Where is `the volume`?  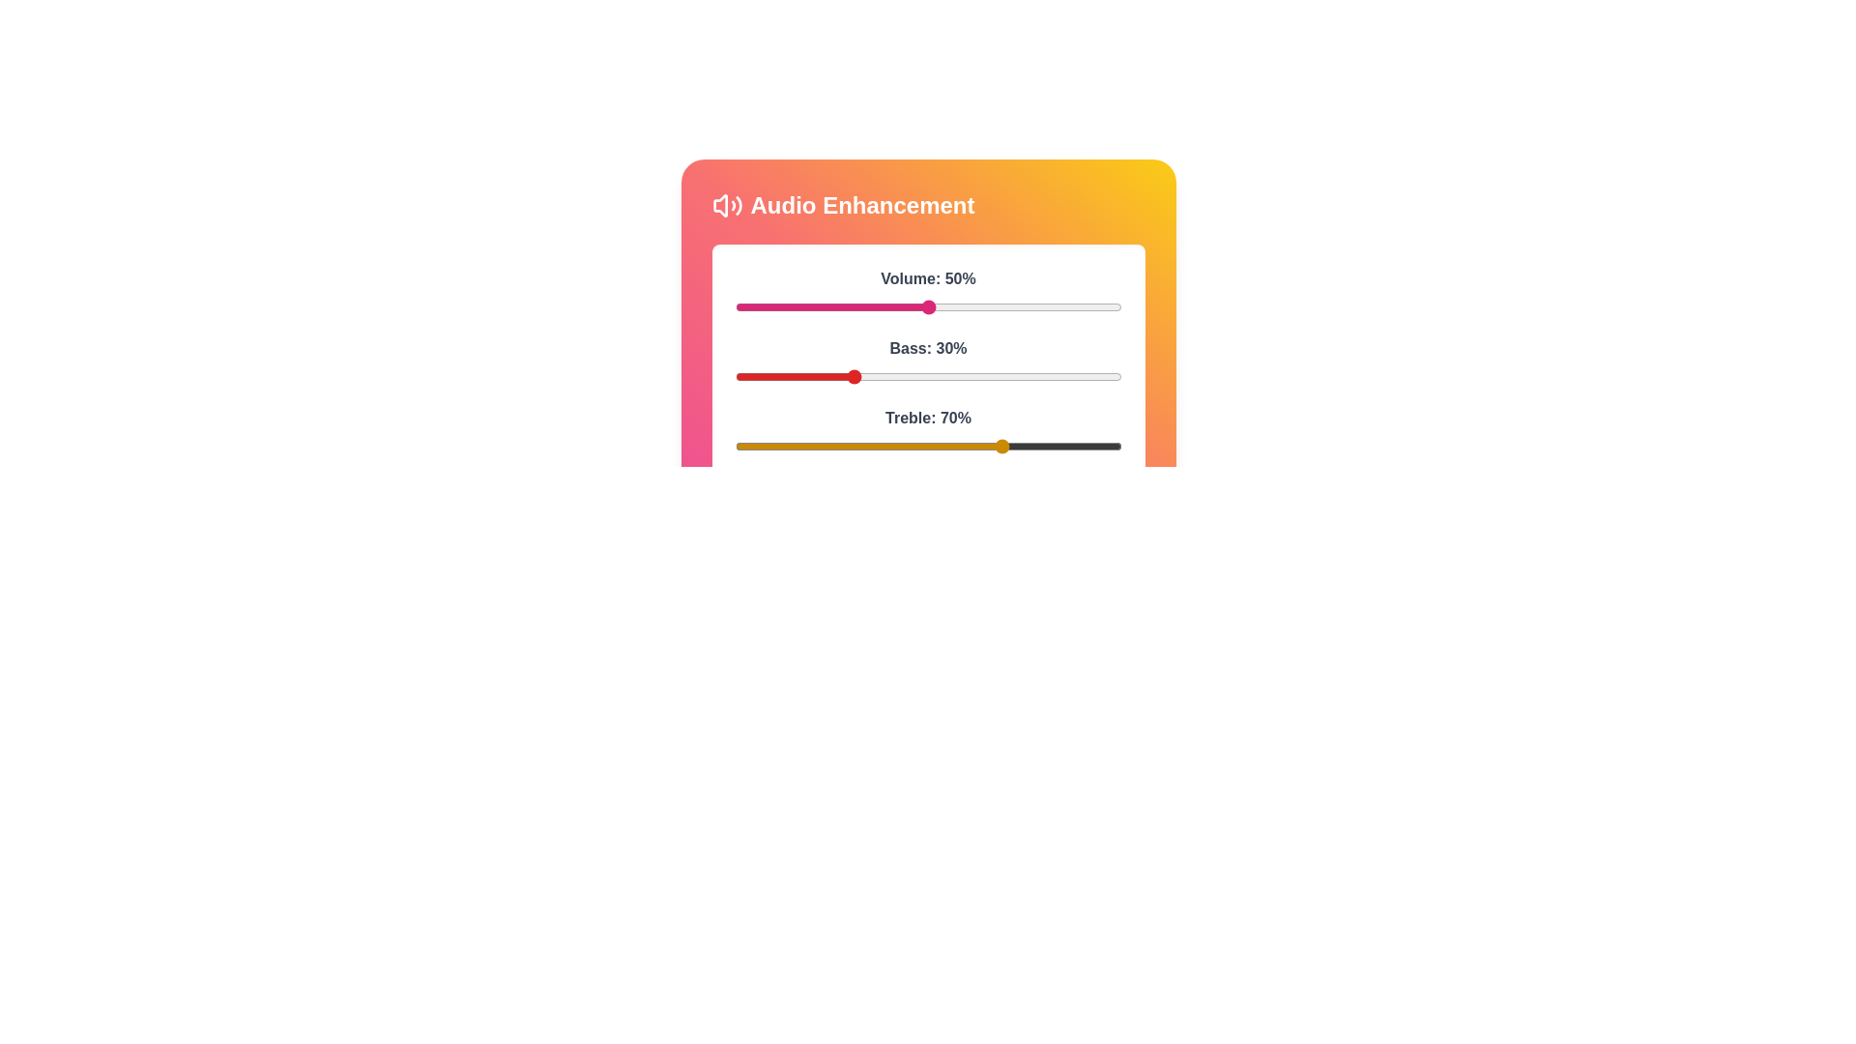
the volume is located at coordinates (765, 305).